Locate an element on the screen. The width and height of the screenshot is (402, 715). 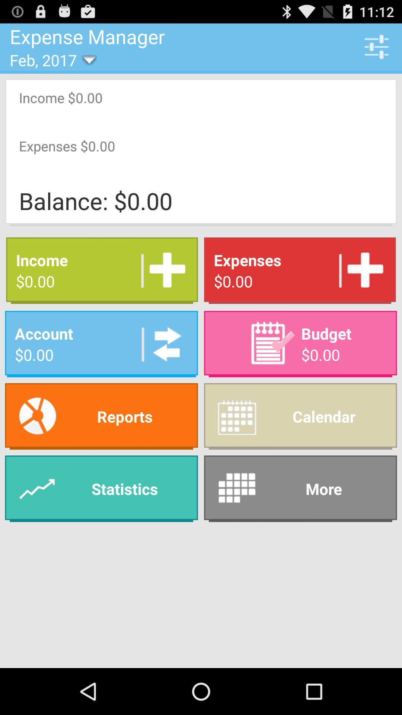
the sliders icon is located at coordinates (376, 50).